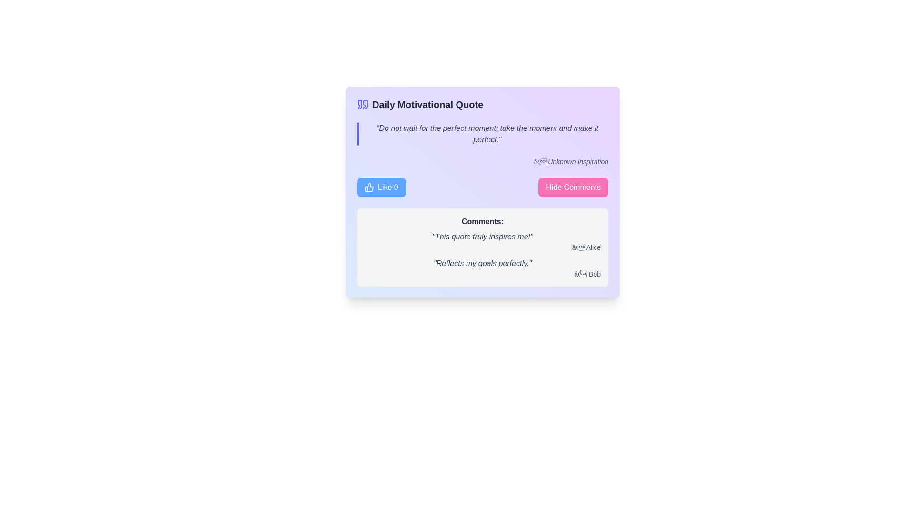 The image size is (914, 514). What do you see at coordinates (381, 187) in the screenshot?
I see `the blue rectangular button with rounded corners that contains a thumbs-up icon and the text 'Like 0'` at bounding box center [381, 187].